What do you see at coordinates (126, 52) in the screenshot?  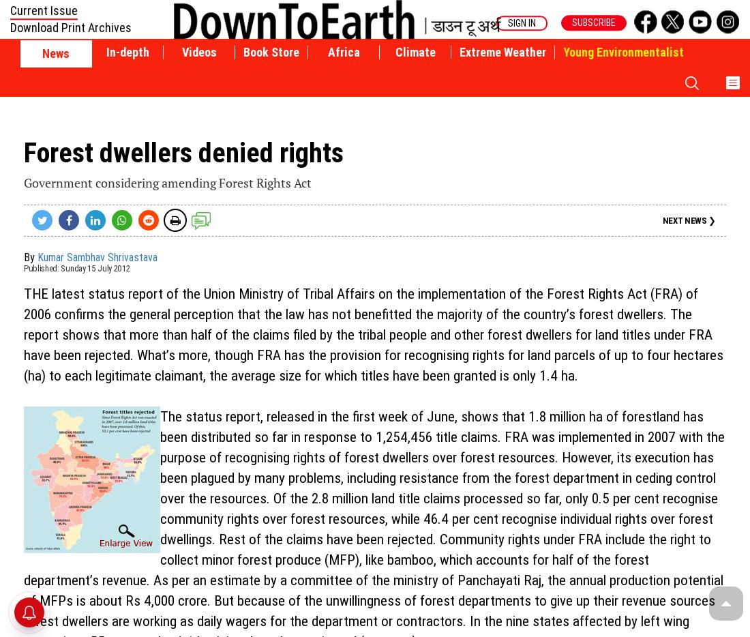 I see `'In-depth'` at bounding box center [126, 52].